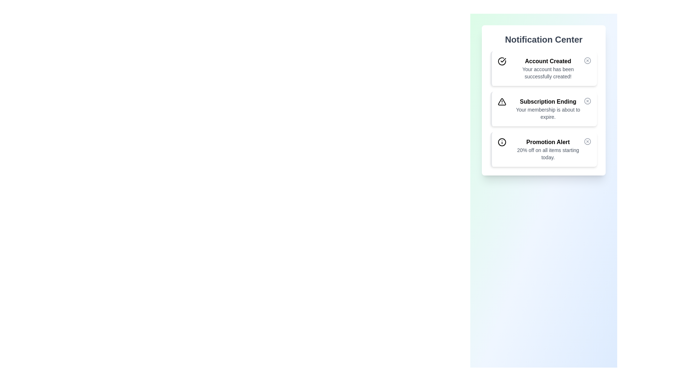  I want to click on text from the descriptive message Text Label located in the third notification section of the Notification Center panel, right below the title 'Promotion Alert', so click(548, 153).